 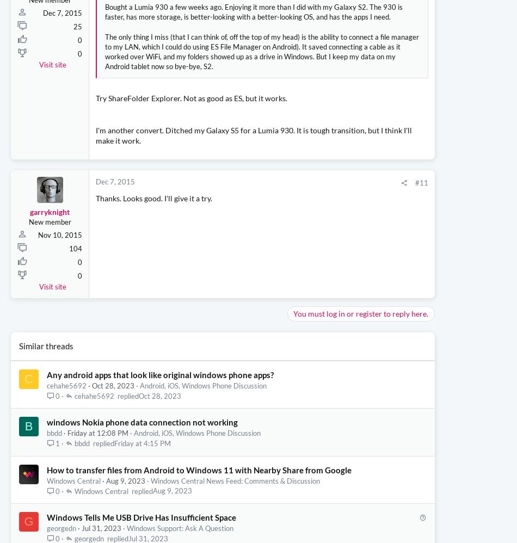 What do you see at coordinates (75, 338) in the screenshot?
I see `'104'` at bounding box center [75, 338].